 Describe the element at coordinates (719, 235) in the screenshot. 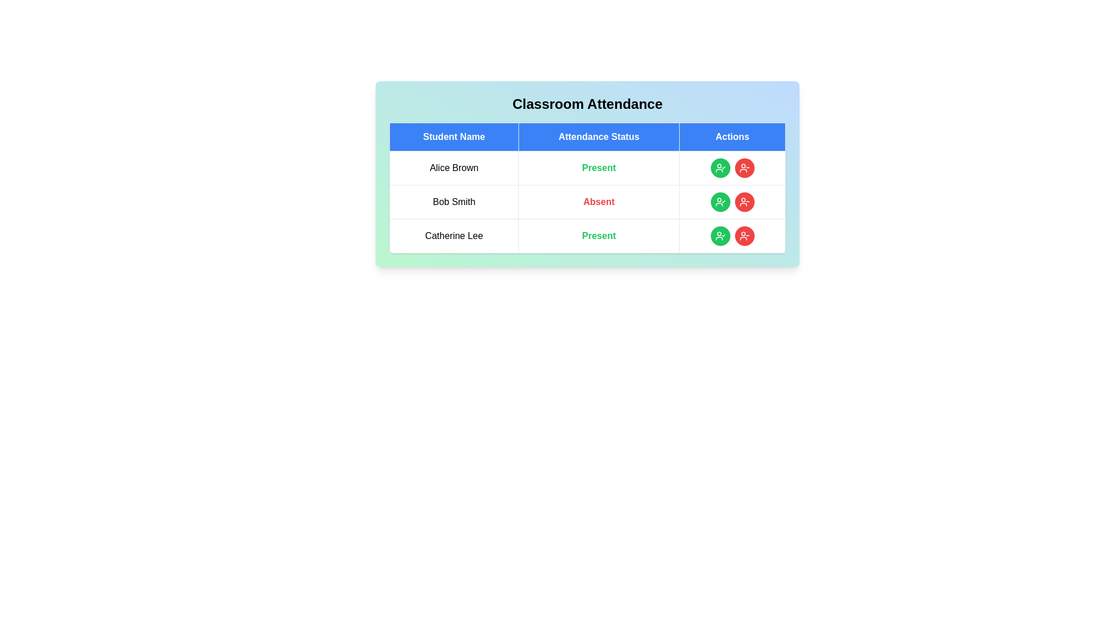

I see `'Mark Present' button for the student identified by Catherine Lee` at that location.